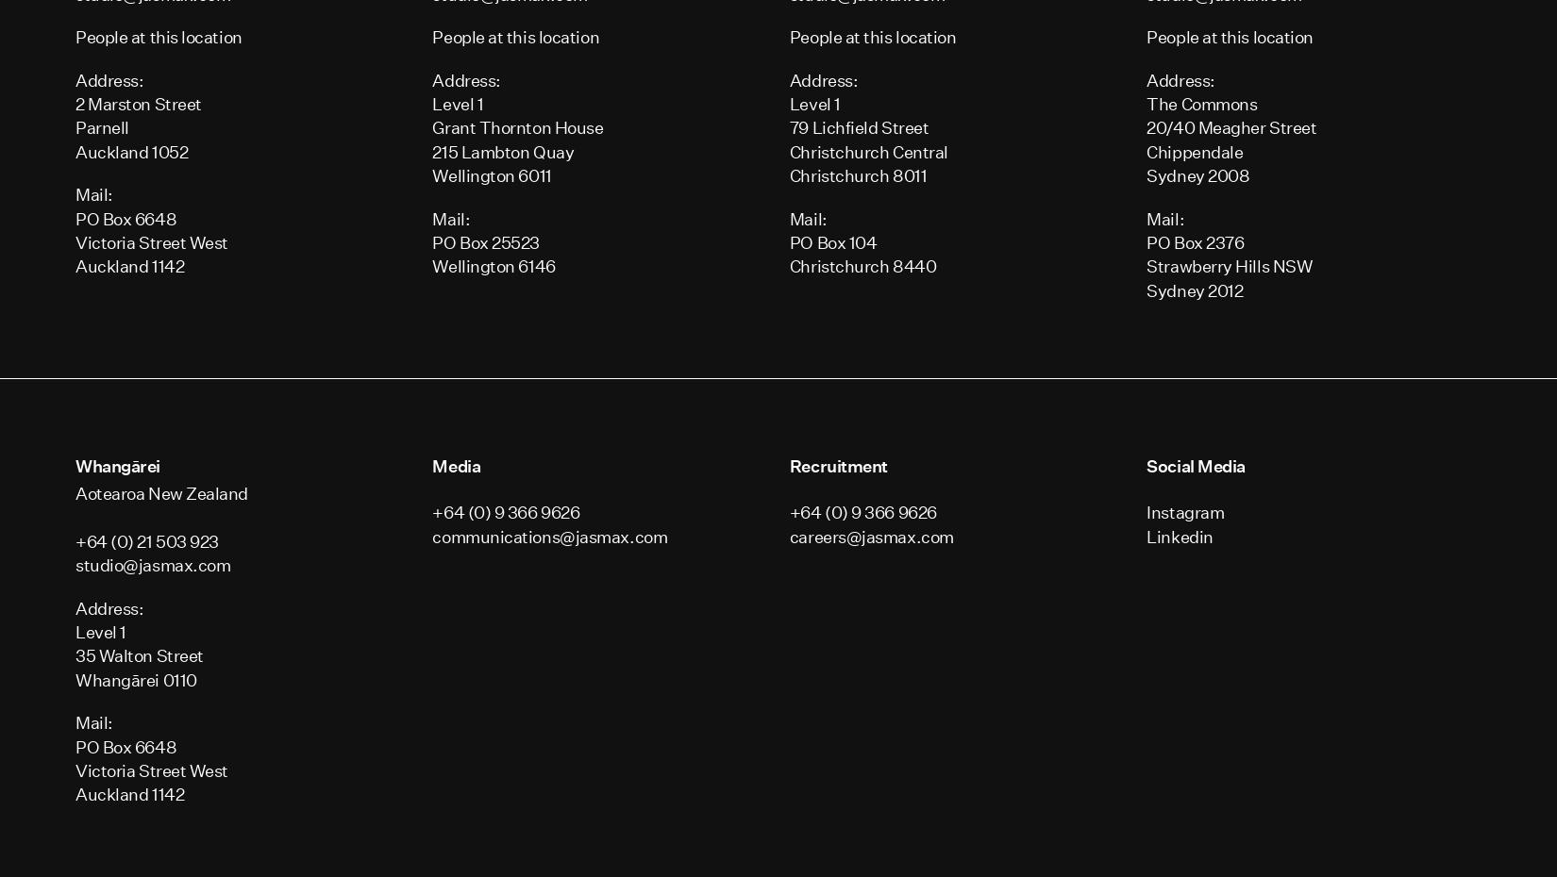  I want to click on 'careers@jasmax.com', so click(871, 536).